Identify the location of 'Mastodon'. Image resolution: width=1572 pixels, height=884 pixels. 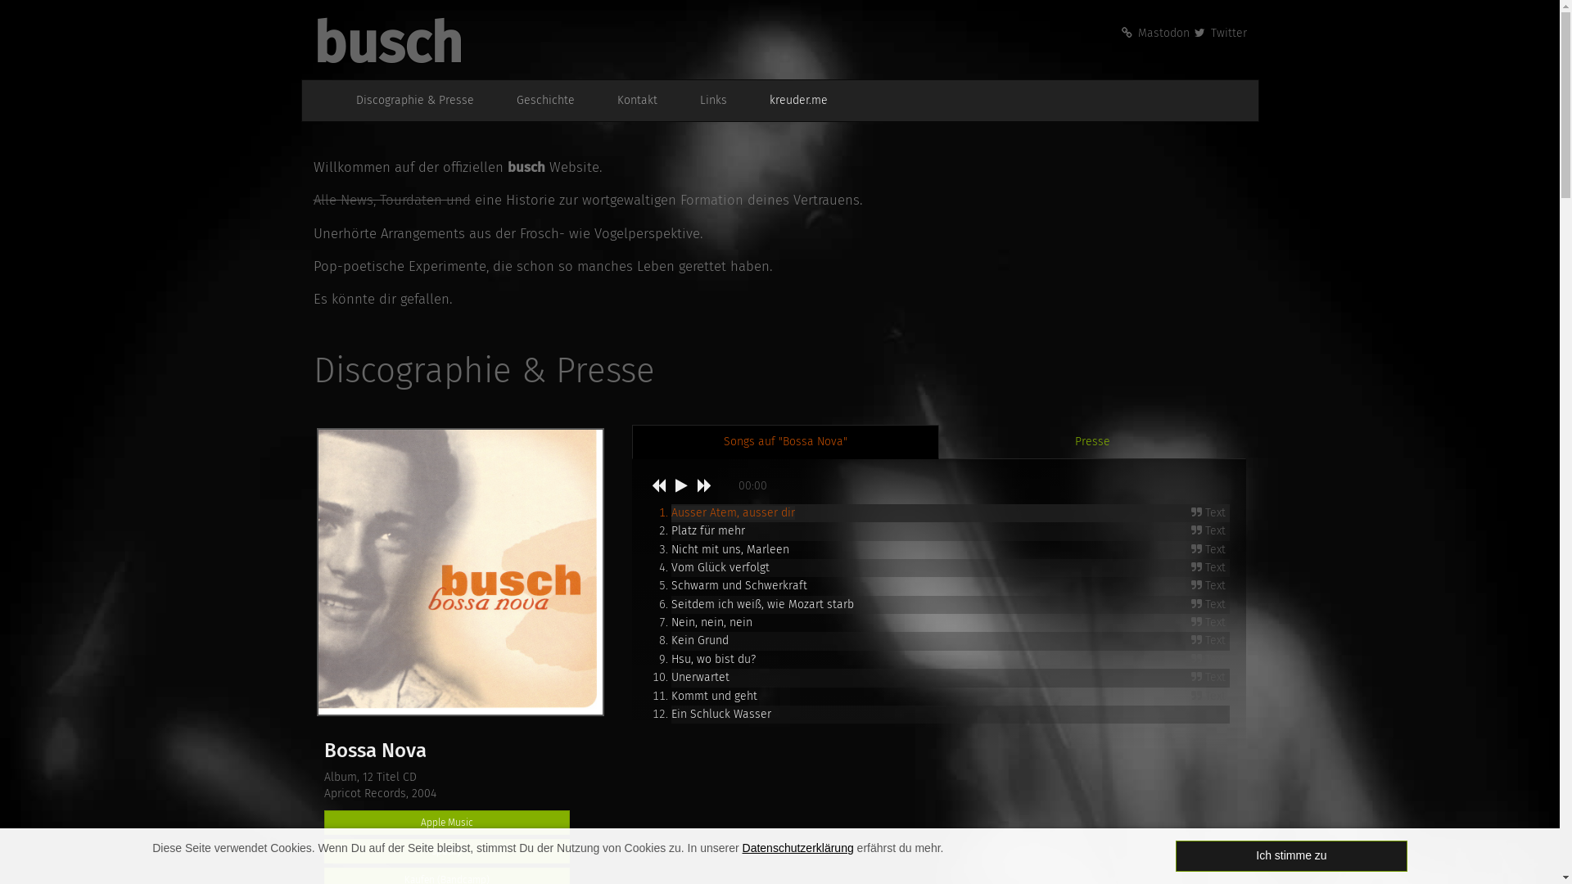
(1154, 33).